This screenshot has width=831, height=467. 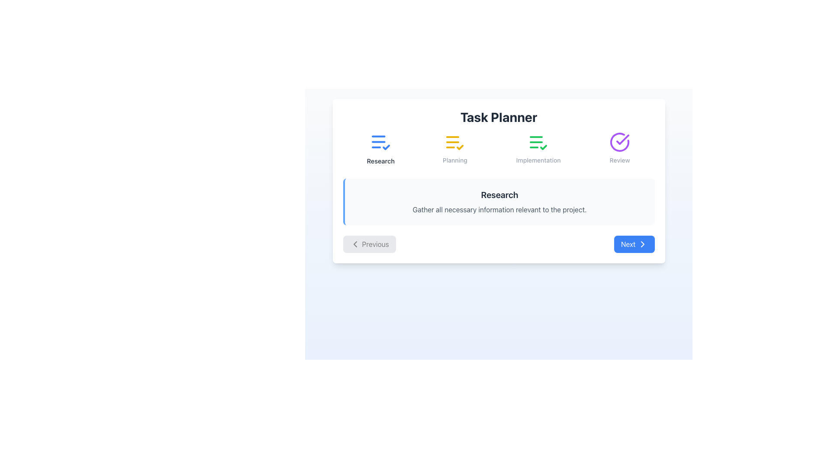 What do you see at coordinates (380, 148) in the screenshot?
I see `the 'Research' component, which is the first element in the 'Task Planner' section` at bounding box center [380, 148].